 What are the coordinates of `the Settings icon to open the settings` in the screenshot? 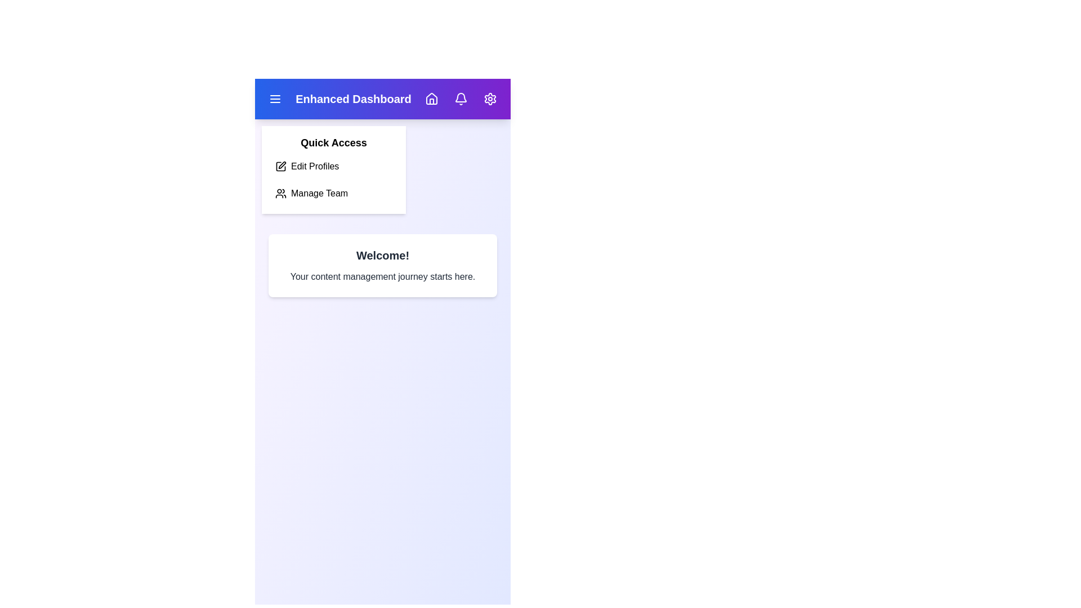 It's located at (490, 99).